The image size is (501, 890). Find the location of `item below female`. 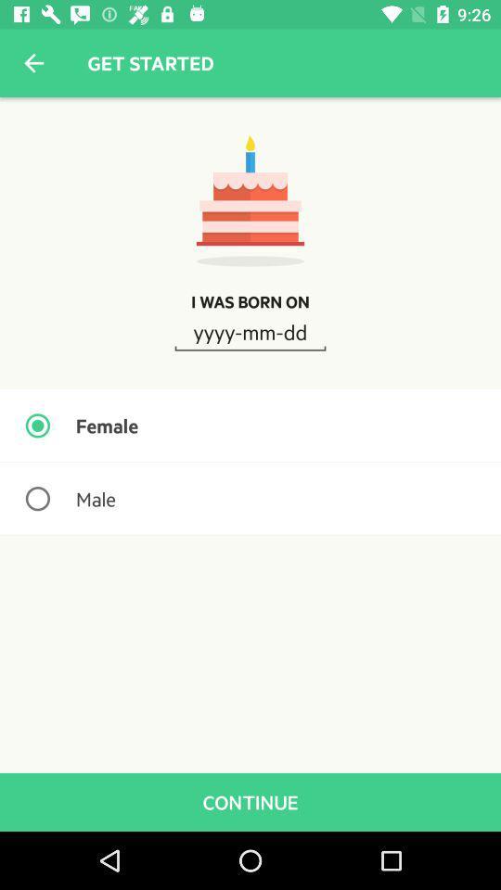

item below female is located at coordinates (250, 498).